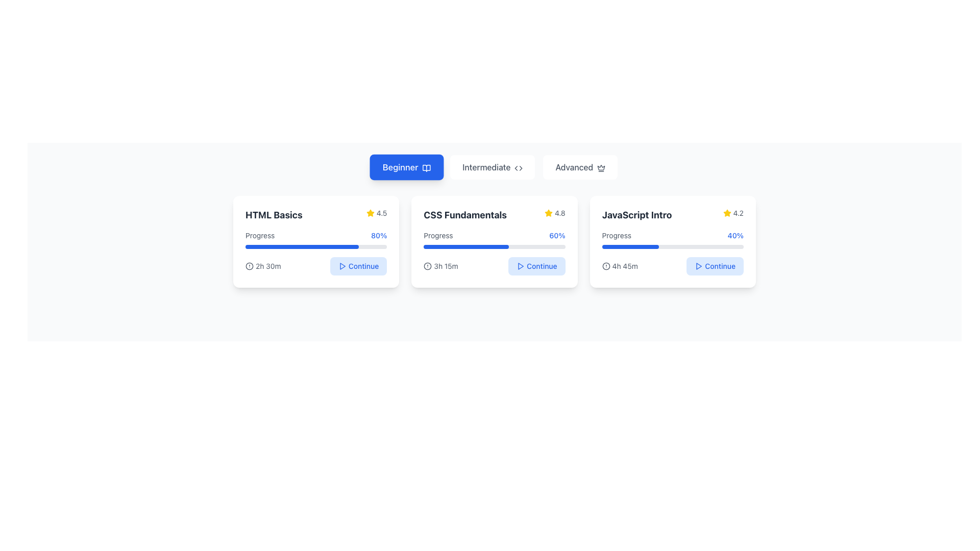  I want to click on the button containing the 'Continue' text label, which is related to the 'JavaScript Intro' course, located below the progress bar, so click(720, 265).